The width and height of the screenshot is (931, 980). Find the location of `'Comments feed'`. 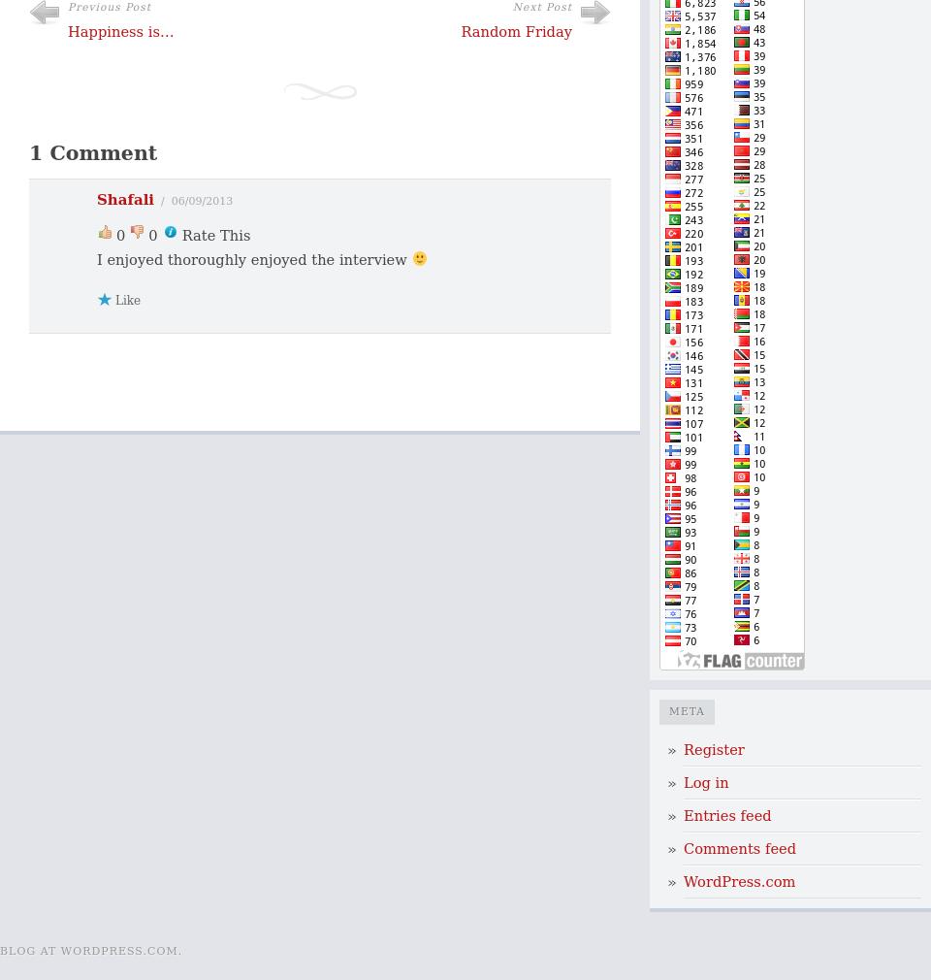

'Comments feed' is located at coordinates (739, 848).